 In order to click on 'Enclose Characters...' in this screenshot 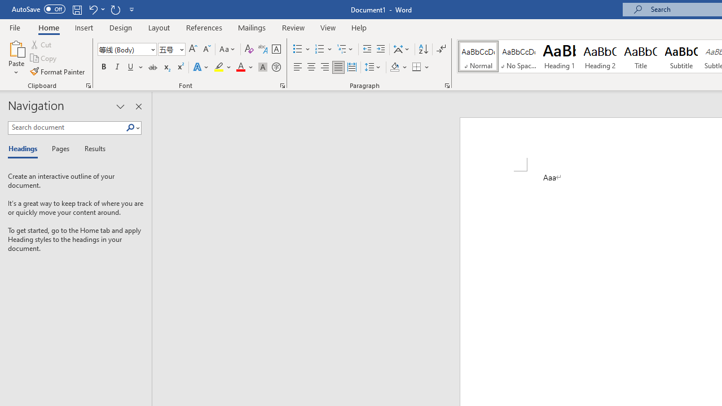, I will do `click(276, 67)`.